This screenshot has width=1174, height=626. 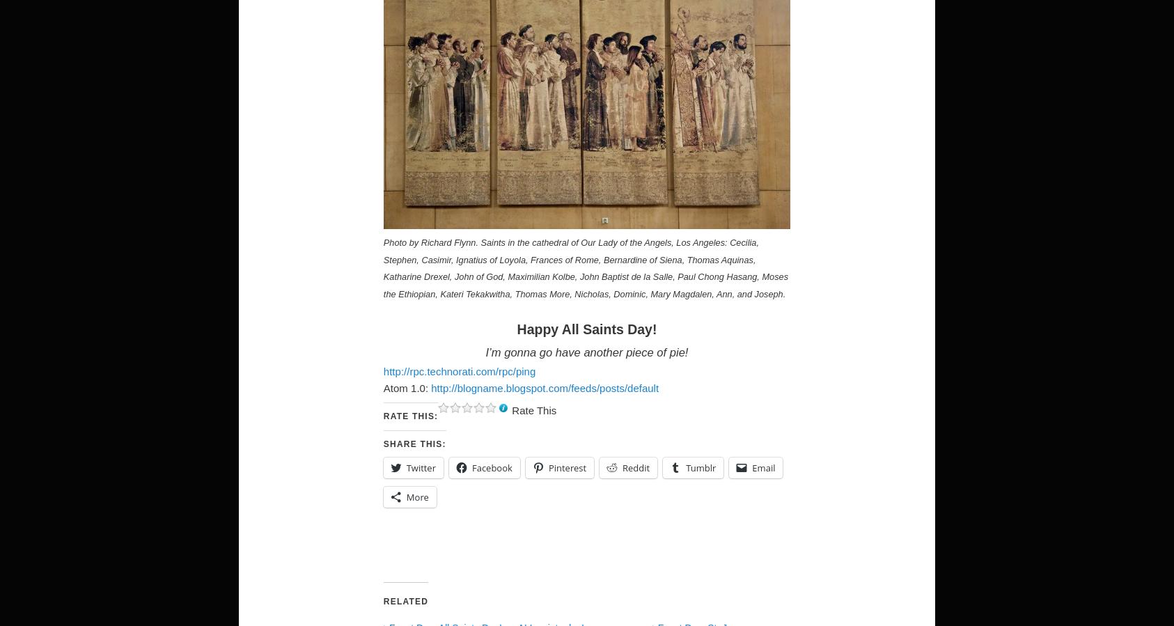 What do you see at coordinates (491, 467) in the screenshot?
I see `'Facebook'` at bounding box center [491, 467].